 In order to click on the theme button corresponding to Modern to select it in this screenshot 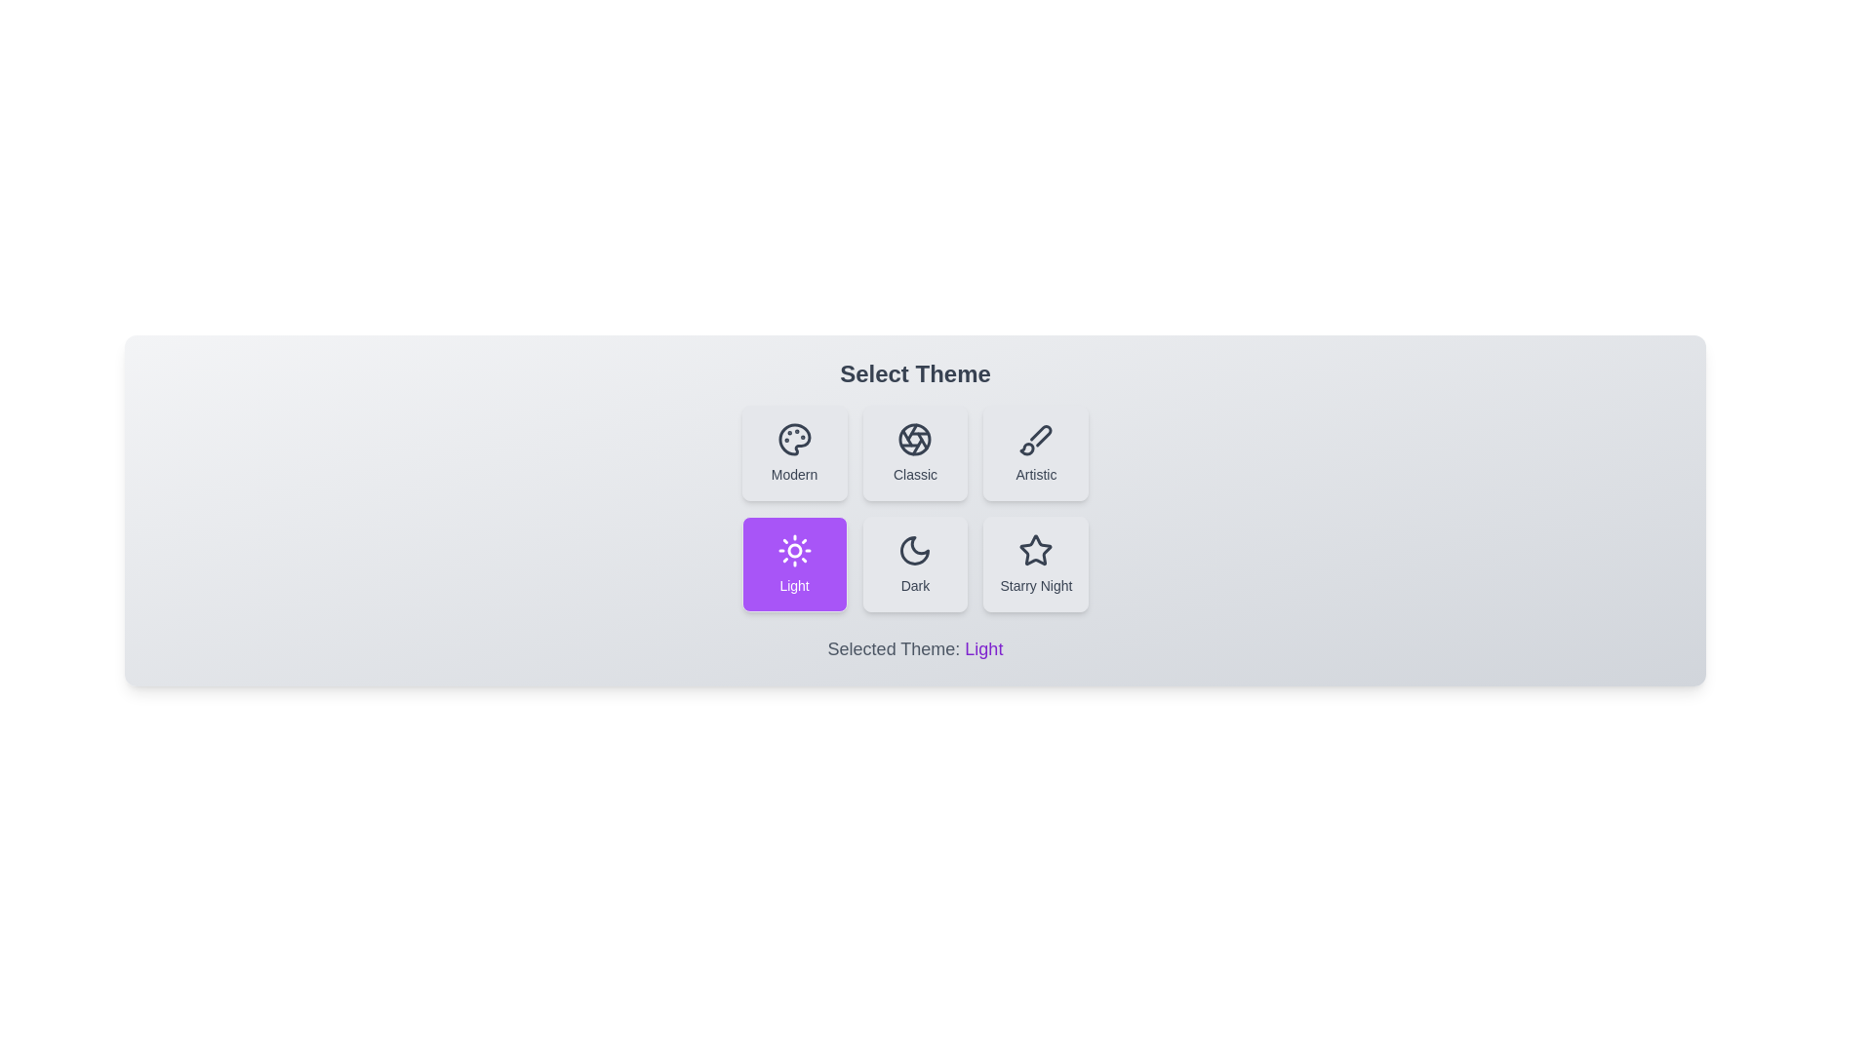, I will do `click(794, 453)`.